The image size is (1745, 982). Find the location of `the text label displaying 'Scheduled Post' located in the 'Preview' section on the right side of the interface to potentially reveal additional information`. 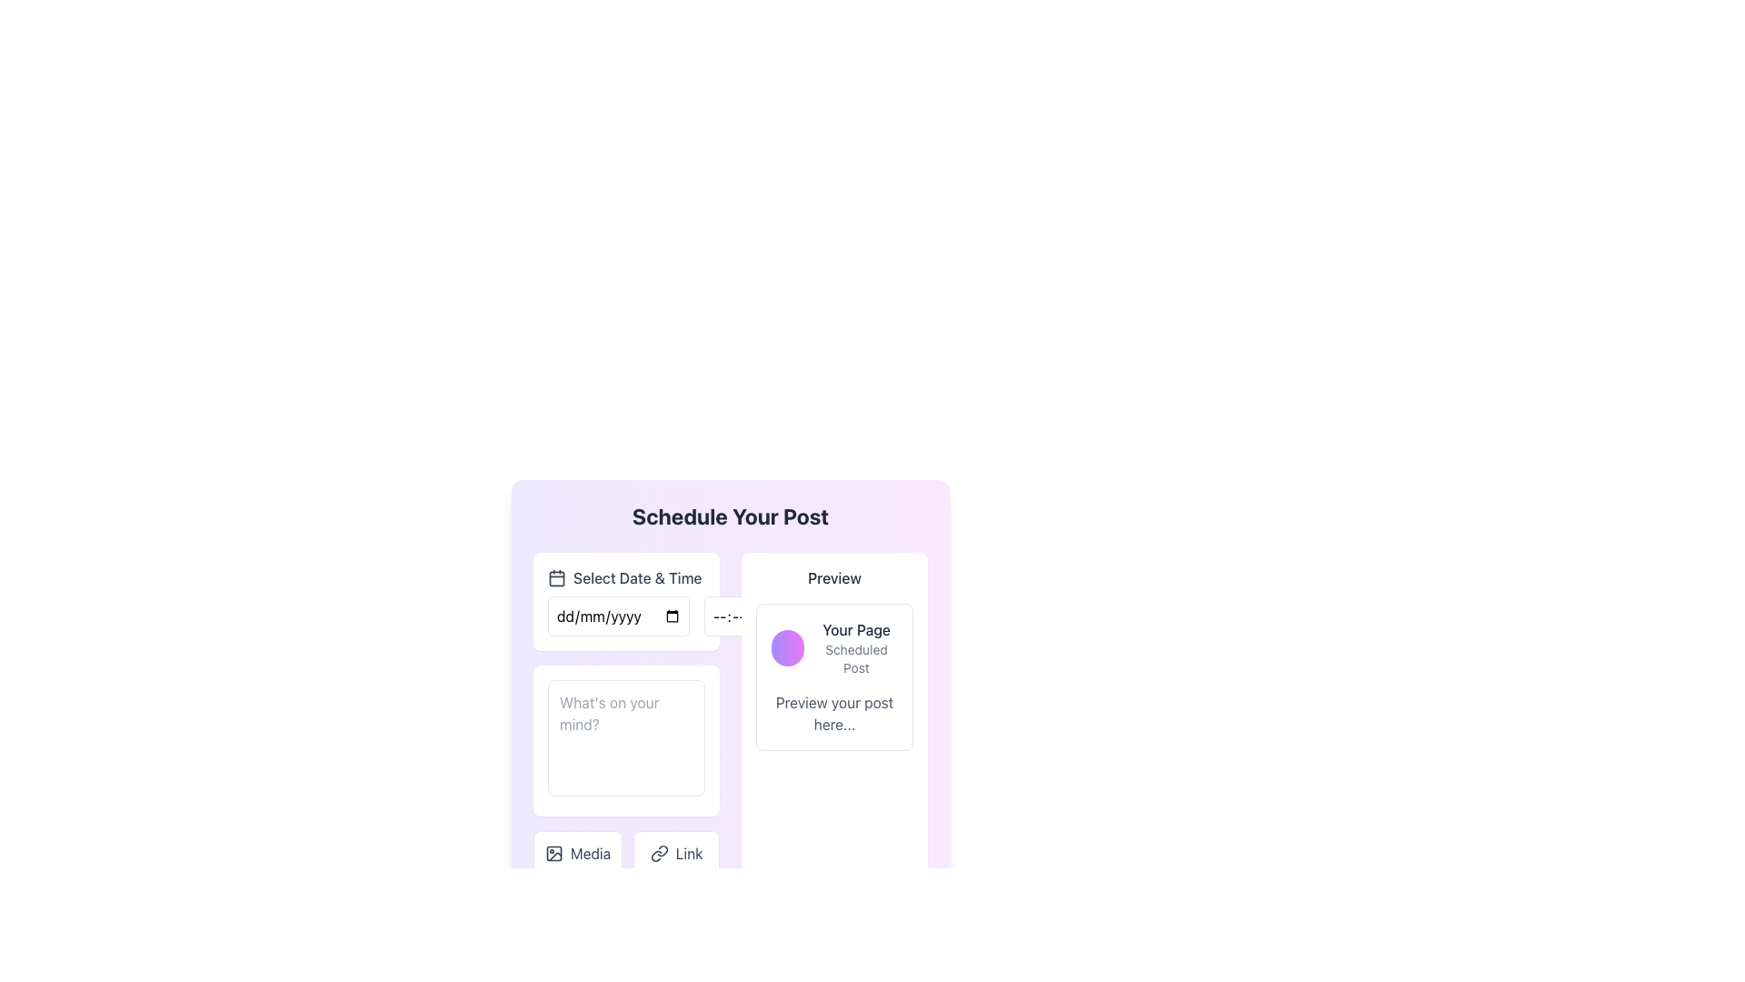

the text label displaying 'Scheduled Post' located in the 'Preview' section on the right side of the interface to potentially reveal additional information is located at coordinates (855, 659).